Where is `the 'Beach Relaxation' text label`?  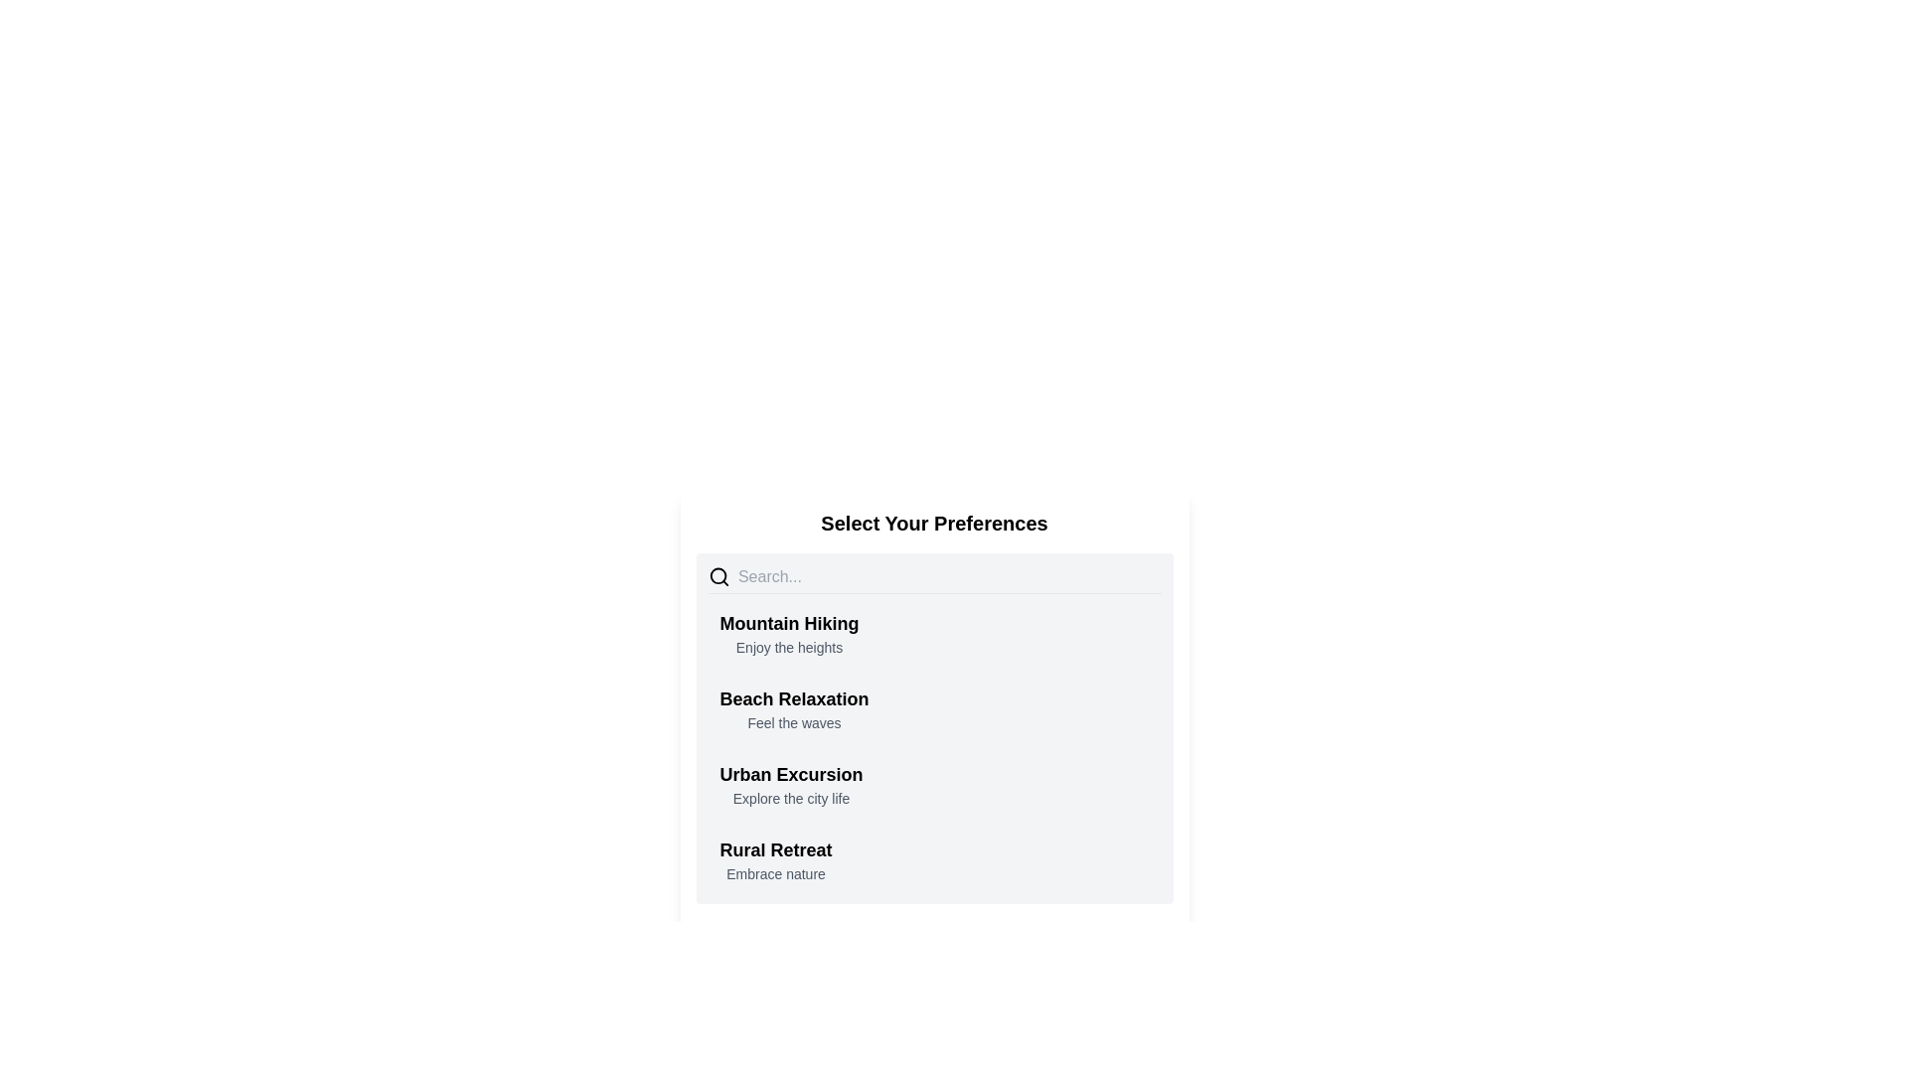 the 'Beach Relaxation' text label is located at coordinates (793, 707).